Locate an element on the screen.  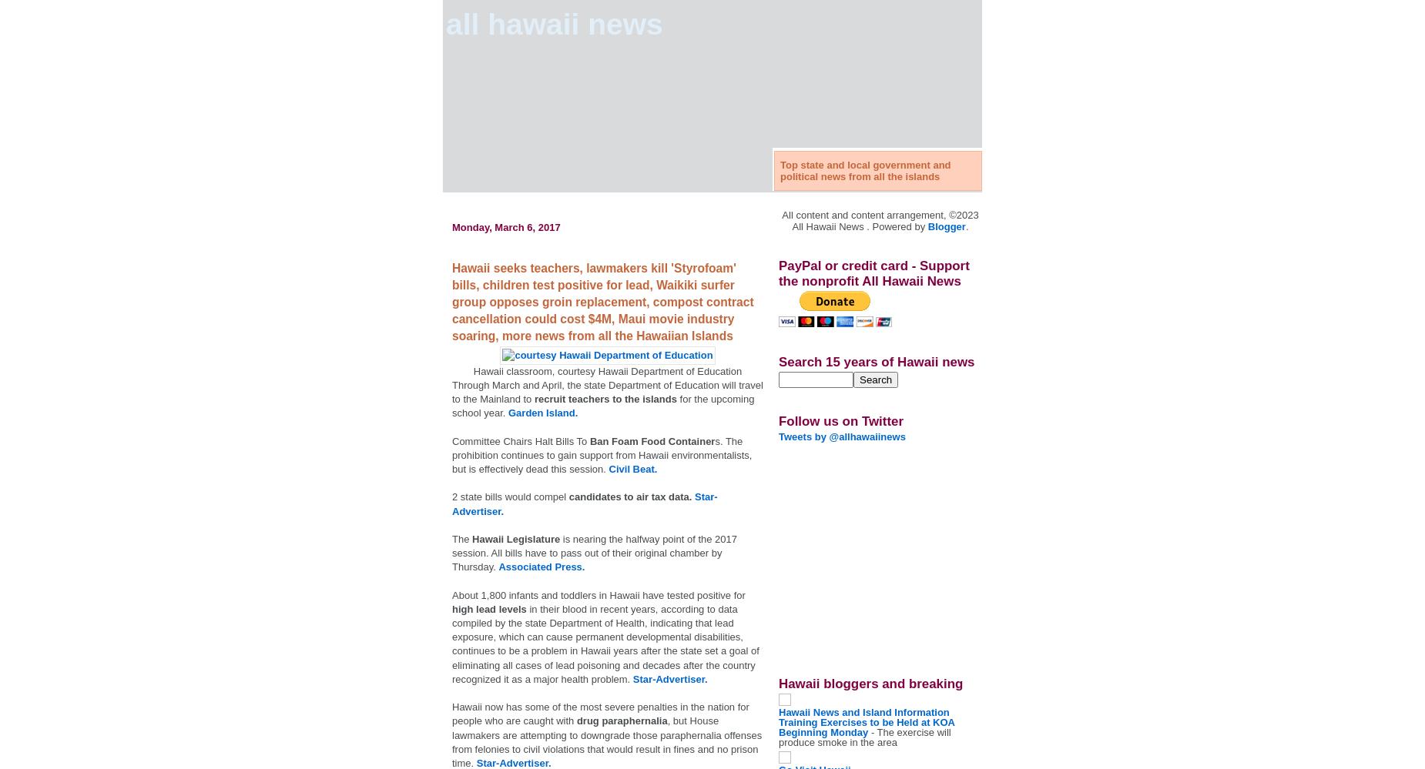
'Committee Chairs Halt Bills To' is located at coordinates (519, 440).